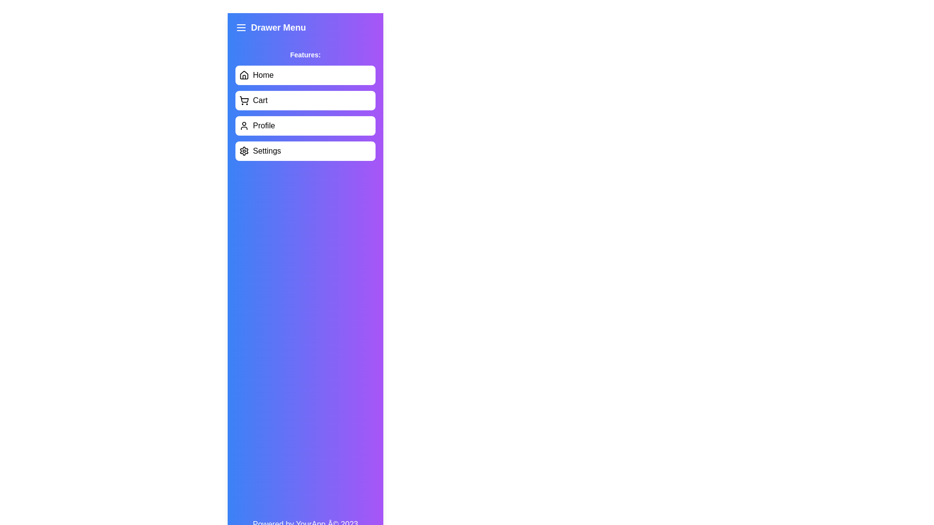 Image resolution: width=934 pixels, height=525 pixels. Describe the element at coordinates (260, 101) in the screenshot. I see `the 'Cart' text label which is part of a button in the sidebar menu, located immediately below 'Home' and above 'Profile'` at that location.